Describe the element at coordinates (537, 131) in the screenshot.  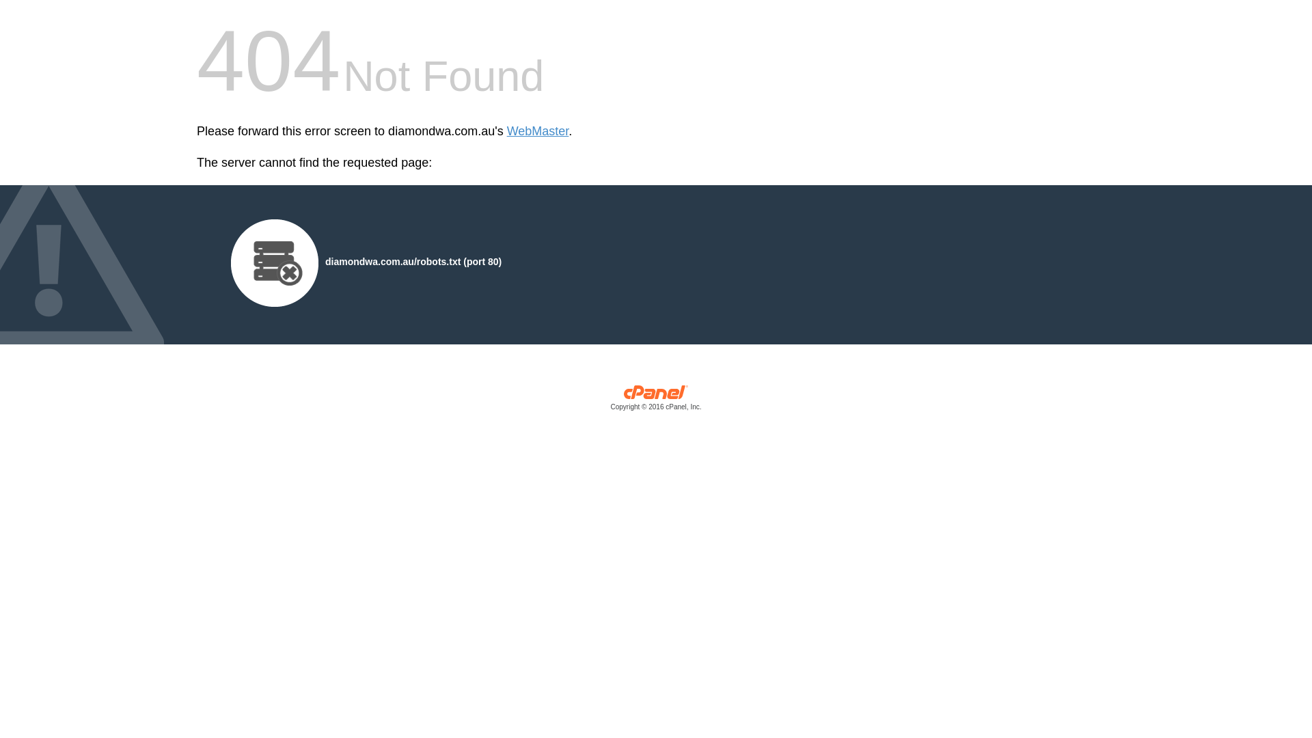
I see `'WebMaster'` at that location.